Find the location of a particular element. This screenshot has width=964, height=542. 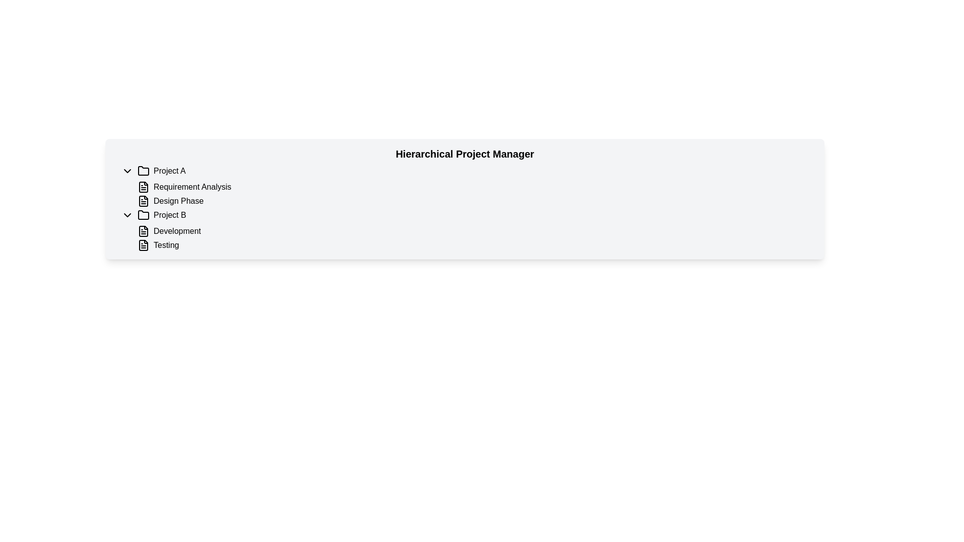

text header located at the top-center of the gray box, which serves as a title for the content below is located at coordinates (464, 154).